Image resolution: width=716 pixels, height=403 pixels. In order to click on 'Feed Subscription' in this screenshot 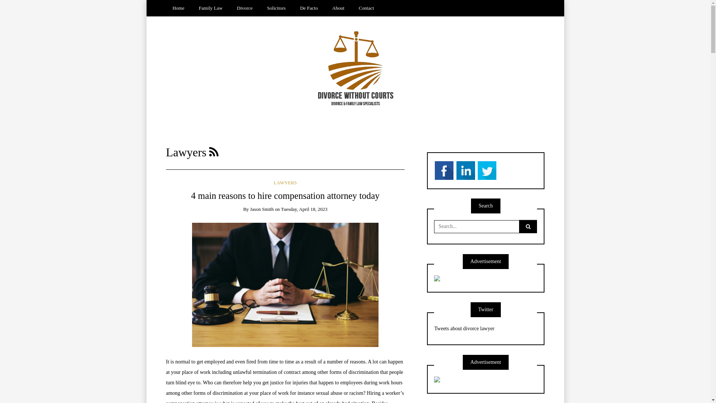, I will do `click(213, 152)`.